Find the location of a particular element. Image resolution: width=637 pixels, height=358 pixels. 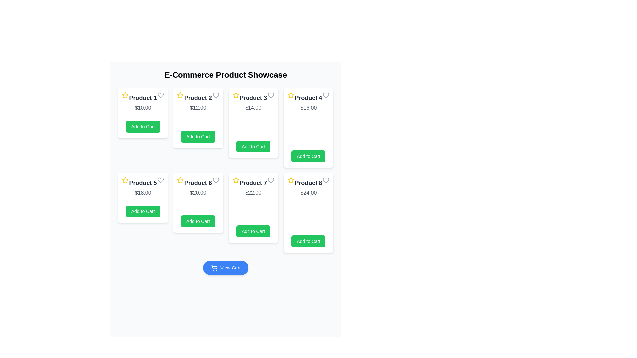

the star icon located in the upper-left corner of the 'Product 4' card, which serves as an indicator for product rating and a favorite marker is located at coordinates (291, 95).